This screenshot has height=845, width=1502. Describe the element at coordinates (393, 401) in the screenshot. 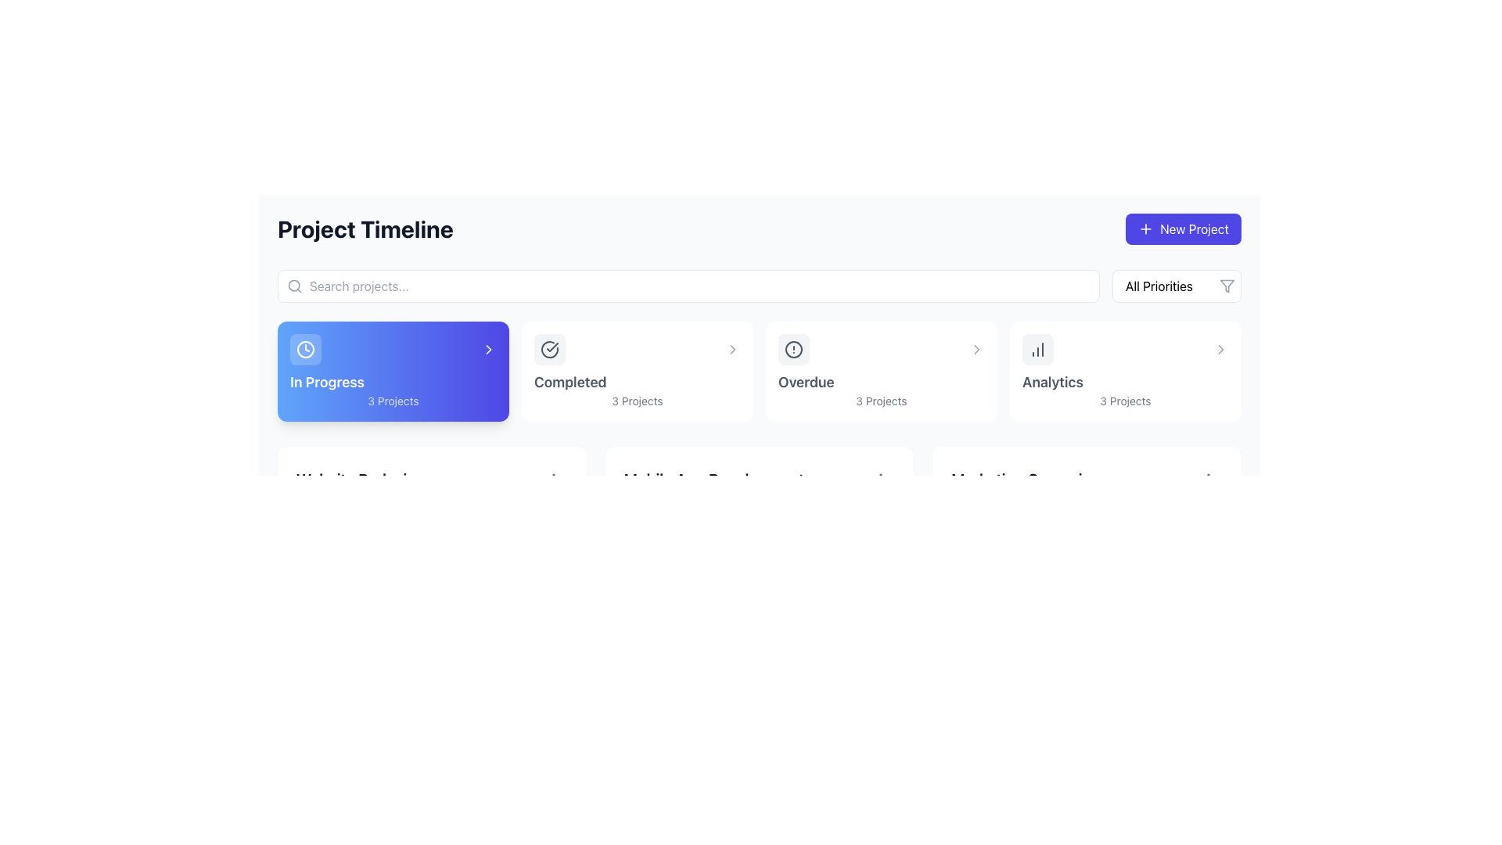

I see `the text element displaying '3 Projects' located at the bottom of the 'In Progress' card, which is centrally aligned and has a white color with 80% opacity` at that location.